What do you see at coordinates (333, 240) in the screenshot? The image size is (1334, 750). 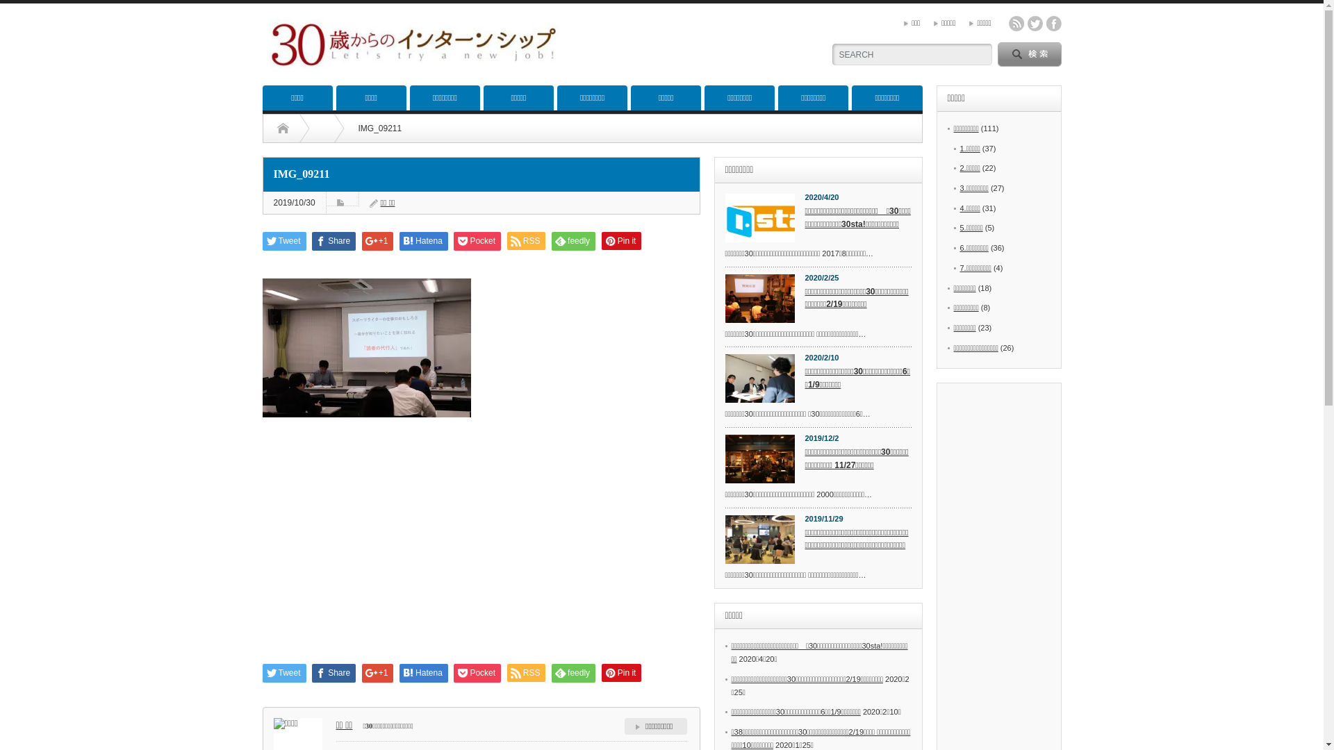 I see `'Share'` at bounding box center [333, 240].